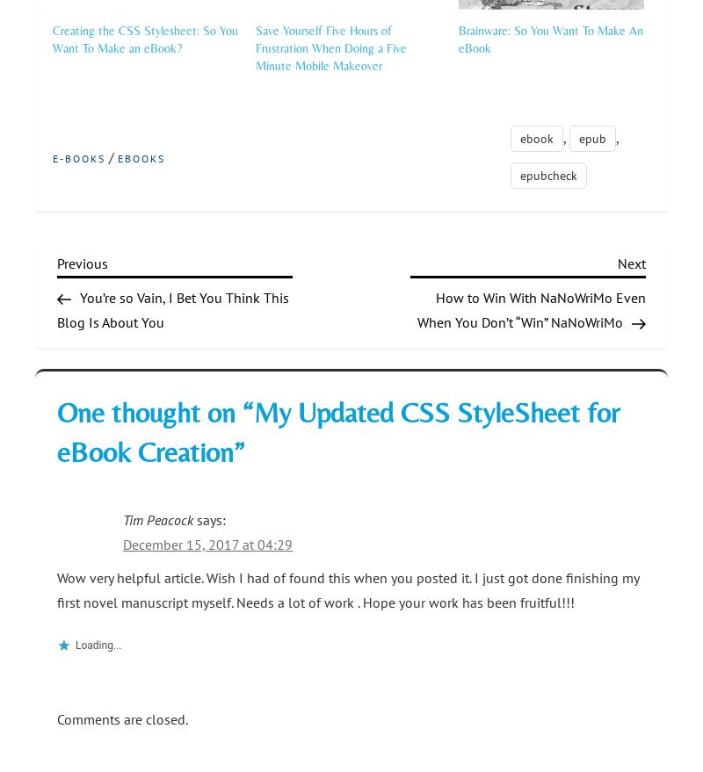  What do you see at coordinates (122, 717) in the screenshot?
I see `'Comments are closed.'` at bounding box center [122, 717].